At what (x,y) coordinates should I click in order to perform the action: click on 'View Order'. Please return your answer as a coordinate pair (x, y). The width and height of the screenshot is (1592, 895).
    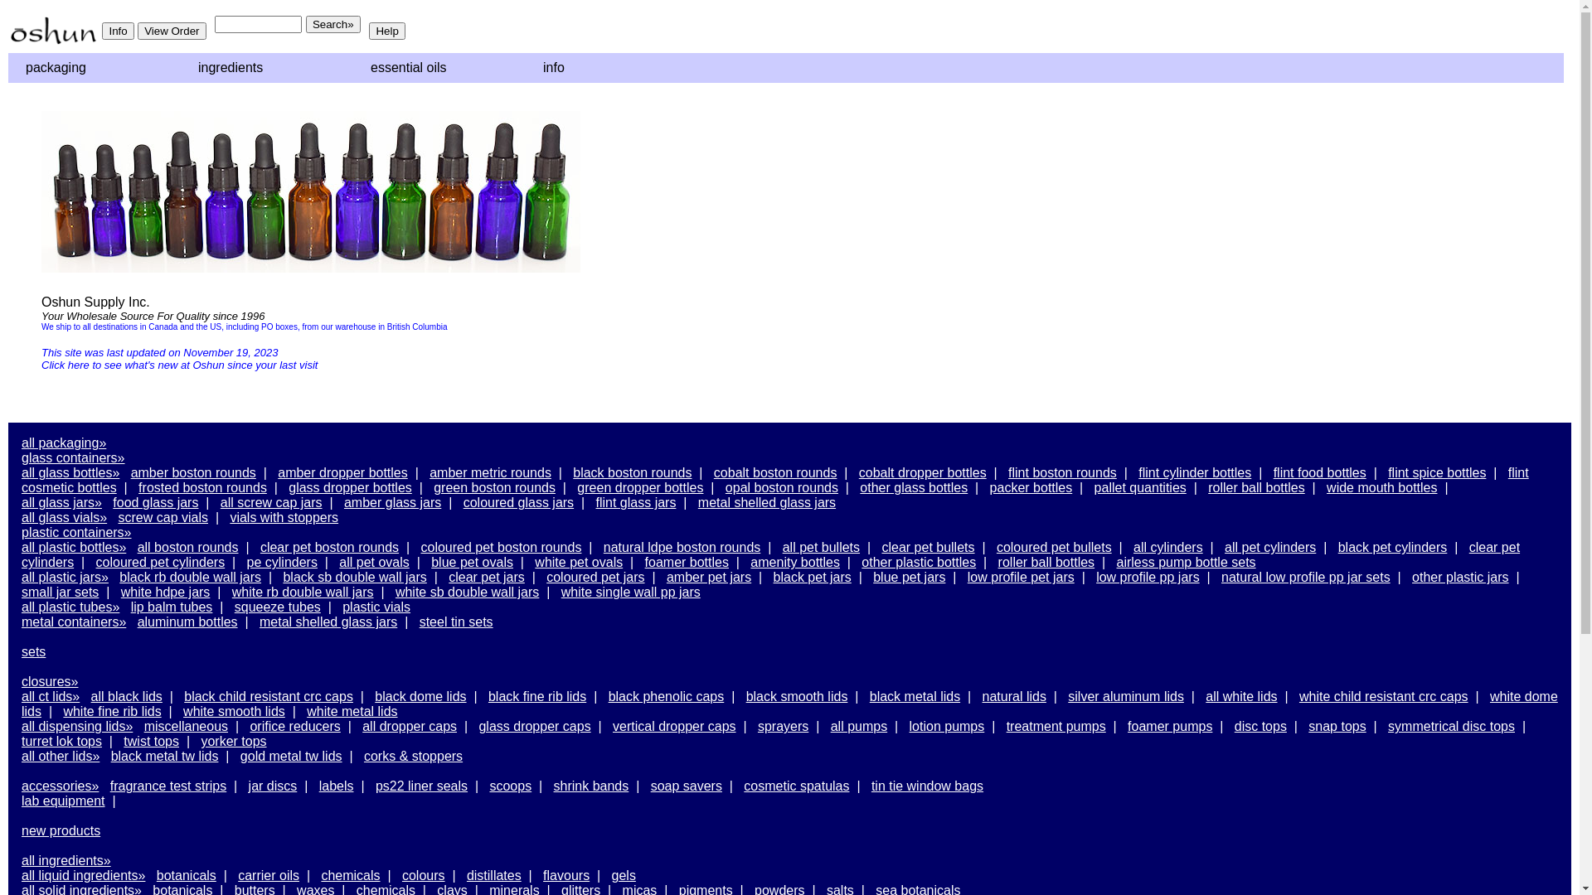
    Looking at the image, I should click on (138, 31).